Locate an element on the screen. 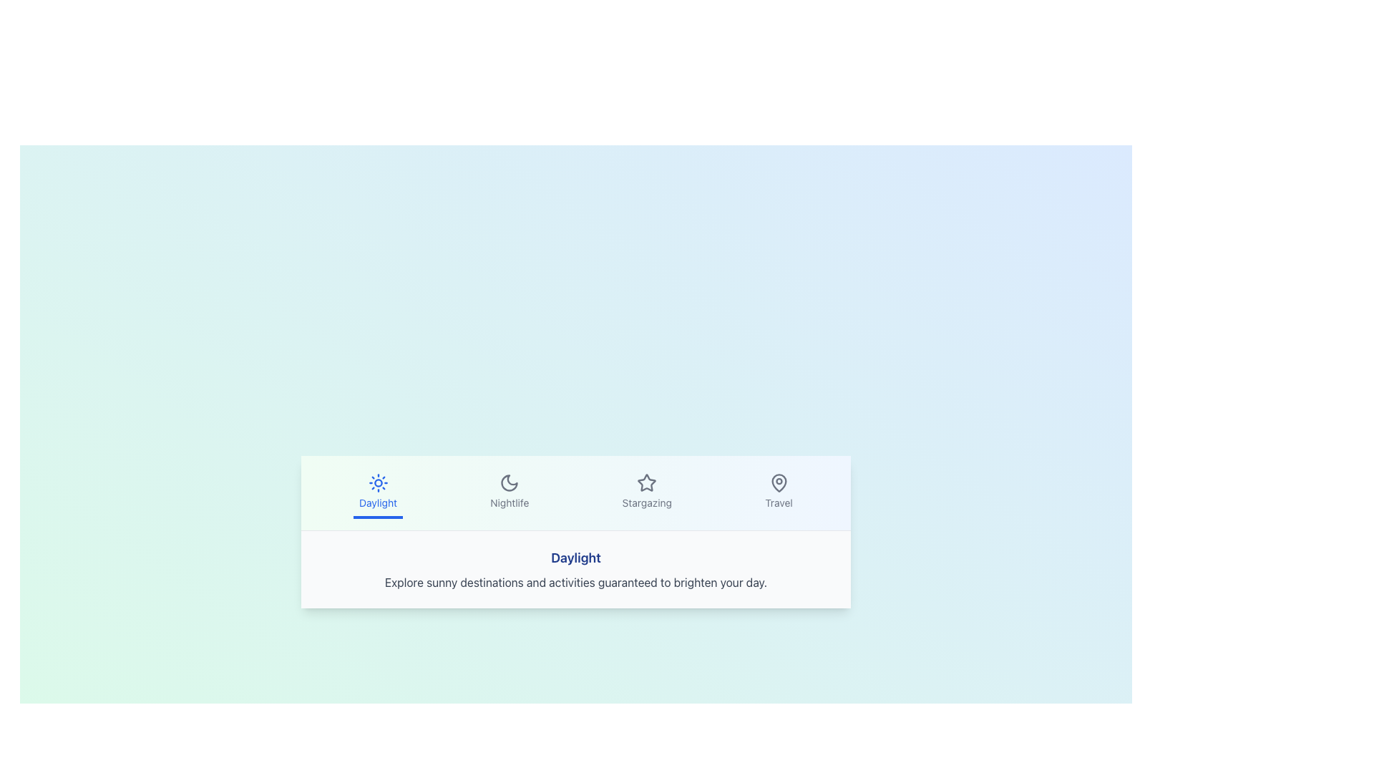 This screenshot has width=1374, height=773. the crescent moon icon located in the second position from the left in the bottom center navigation bar is located at coordinates (510, 482).